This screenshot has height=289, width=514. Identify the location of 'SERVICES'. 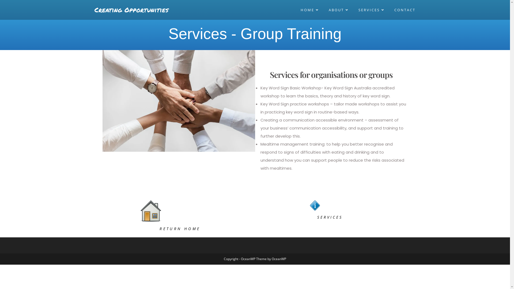
(371, 10).